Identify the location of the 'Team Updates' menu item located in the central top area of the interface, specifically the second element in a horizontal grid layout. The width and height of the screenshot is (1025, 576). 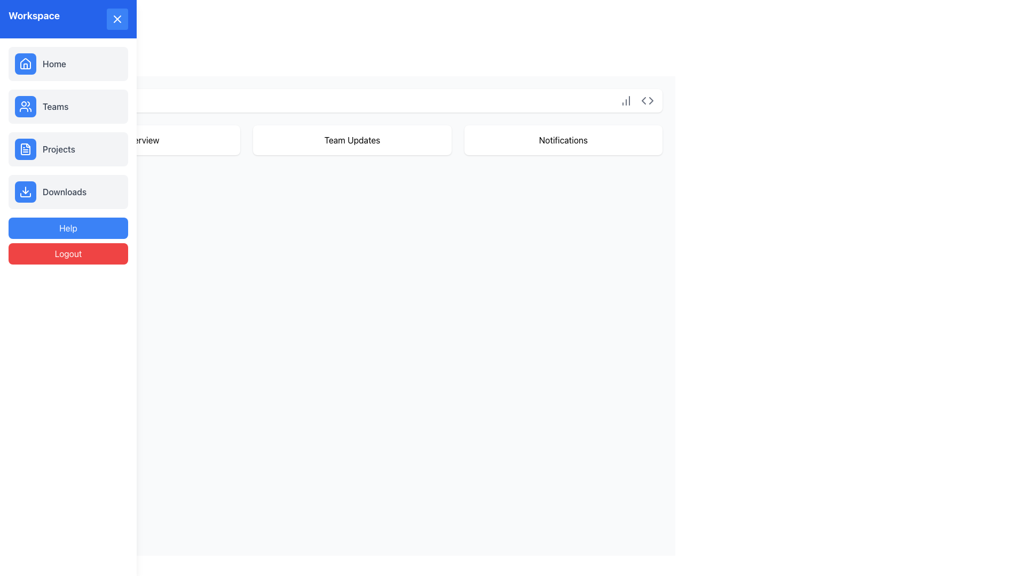
(352, 139).